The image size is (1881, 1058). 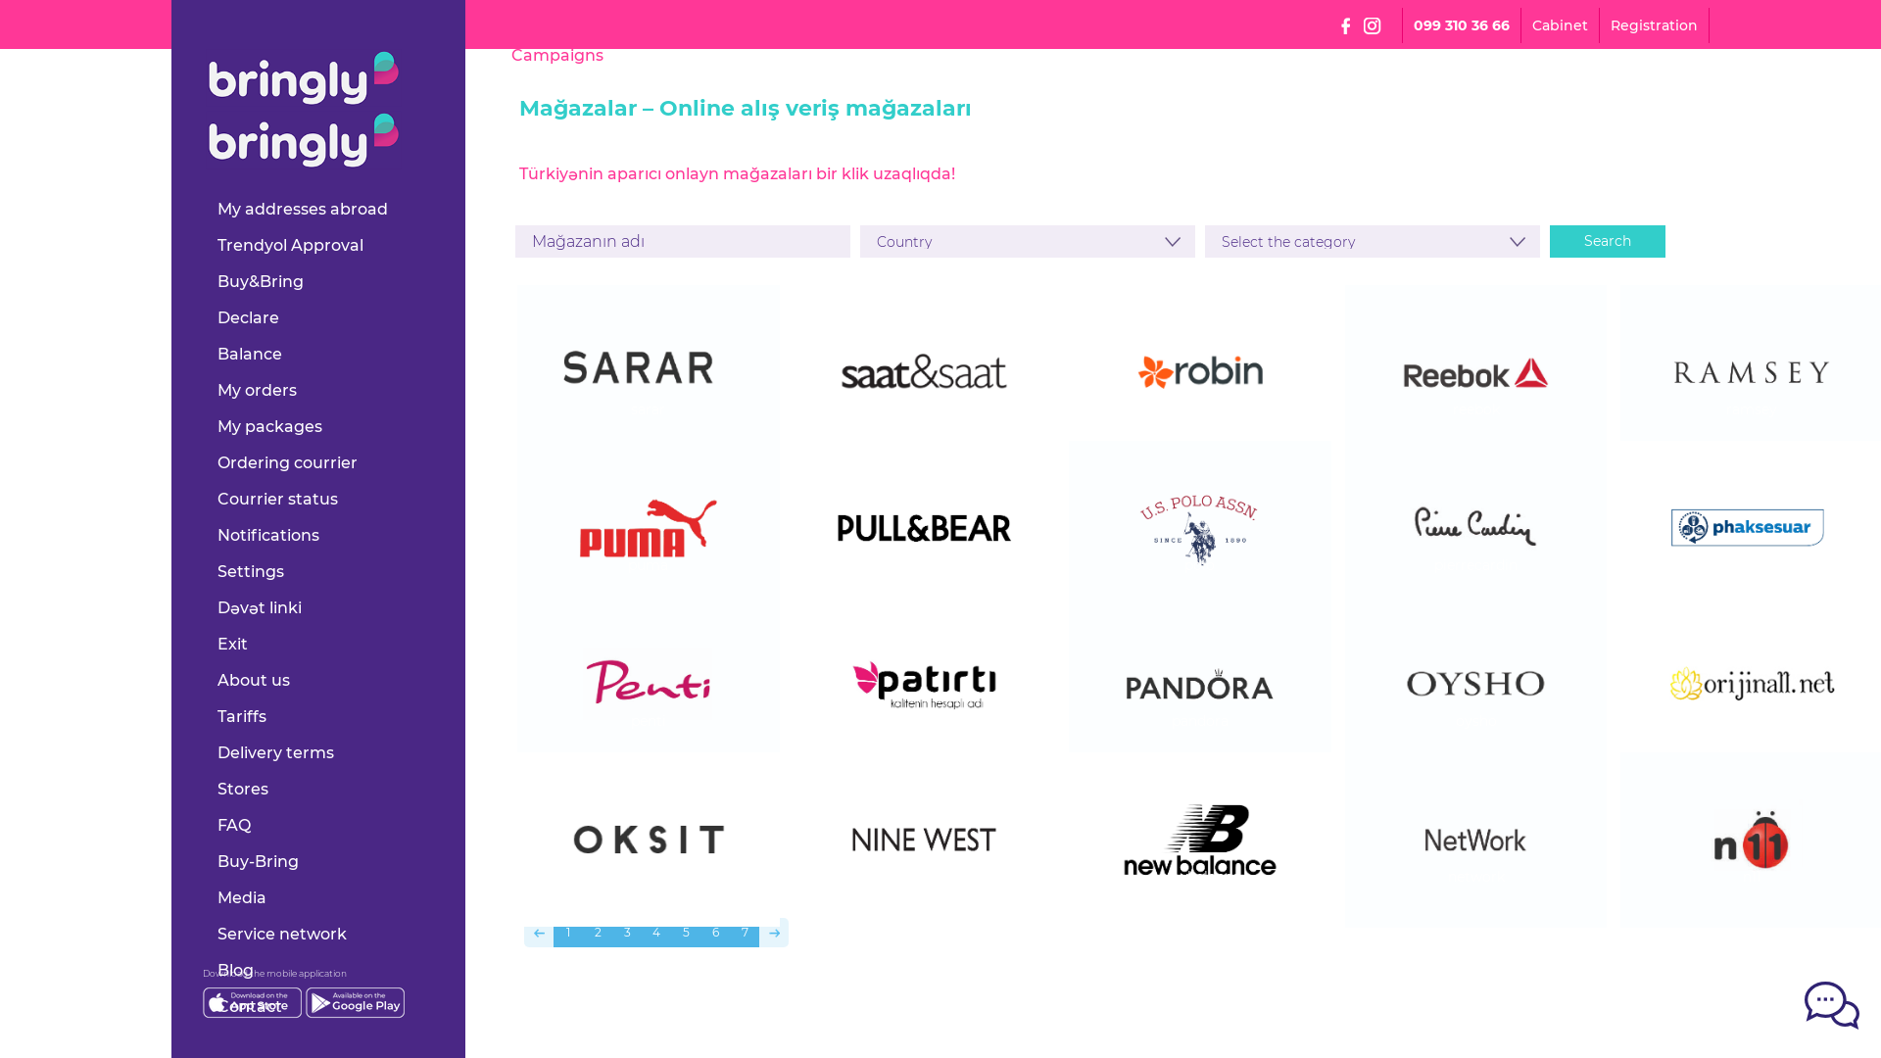 I want to click on 'polo', so click(x=1198, y=565).